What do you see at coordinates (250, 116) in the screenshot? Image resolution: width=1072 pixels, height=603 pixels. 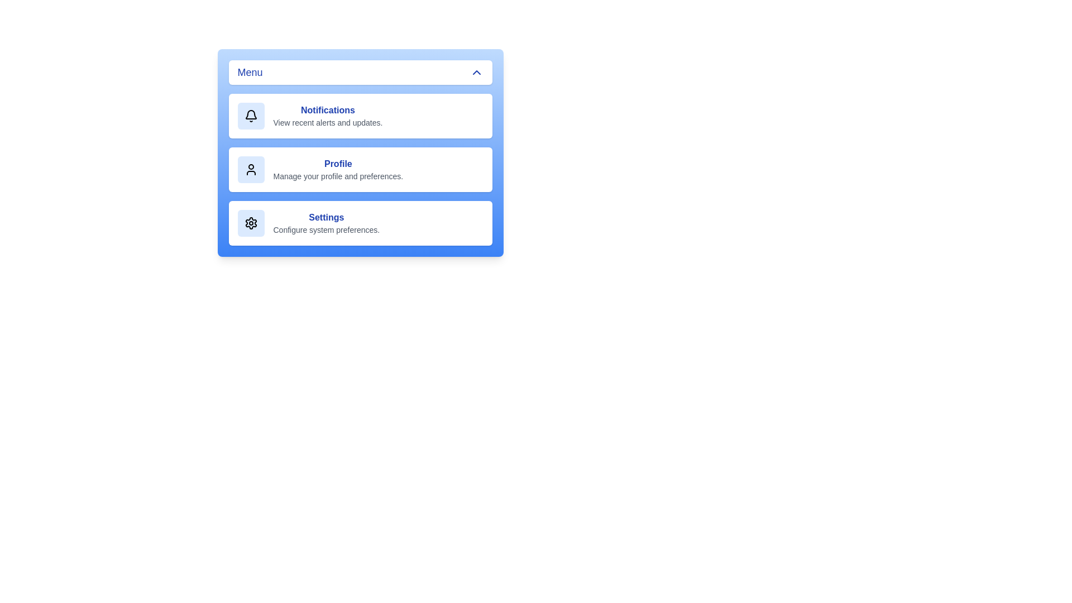 I see `the icon corresponding to Notifications in the menu` at bounding box center [250, 116].